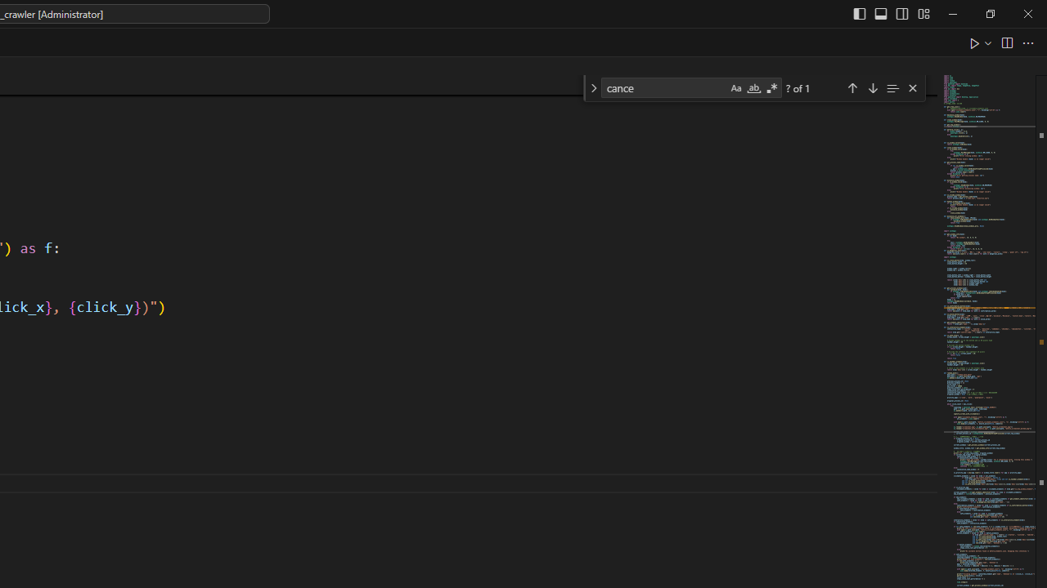  Describe the element at coordinates (1027, 42) in the screenshot. I see `'More Actions...'` at that location.